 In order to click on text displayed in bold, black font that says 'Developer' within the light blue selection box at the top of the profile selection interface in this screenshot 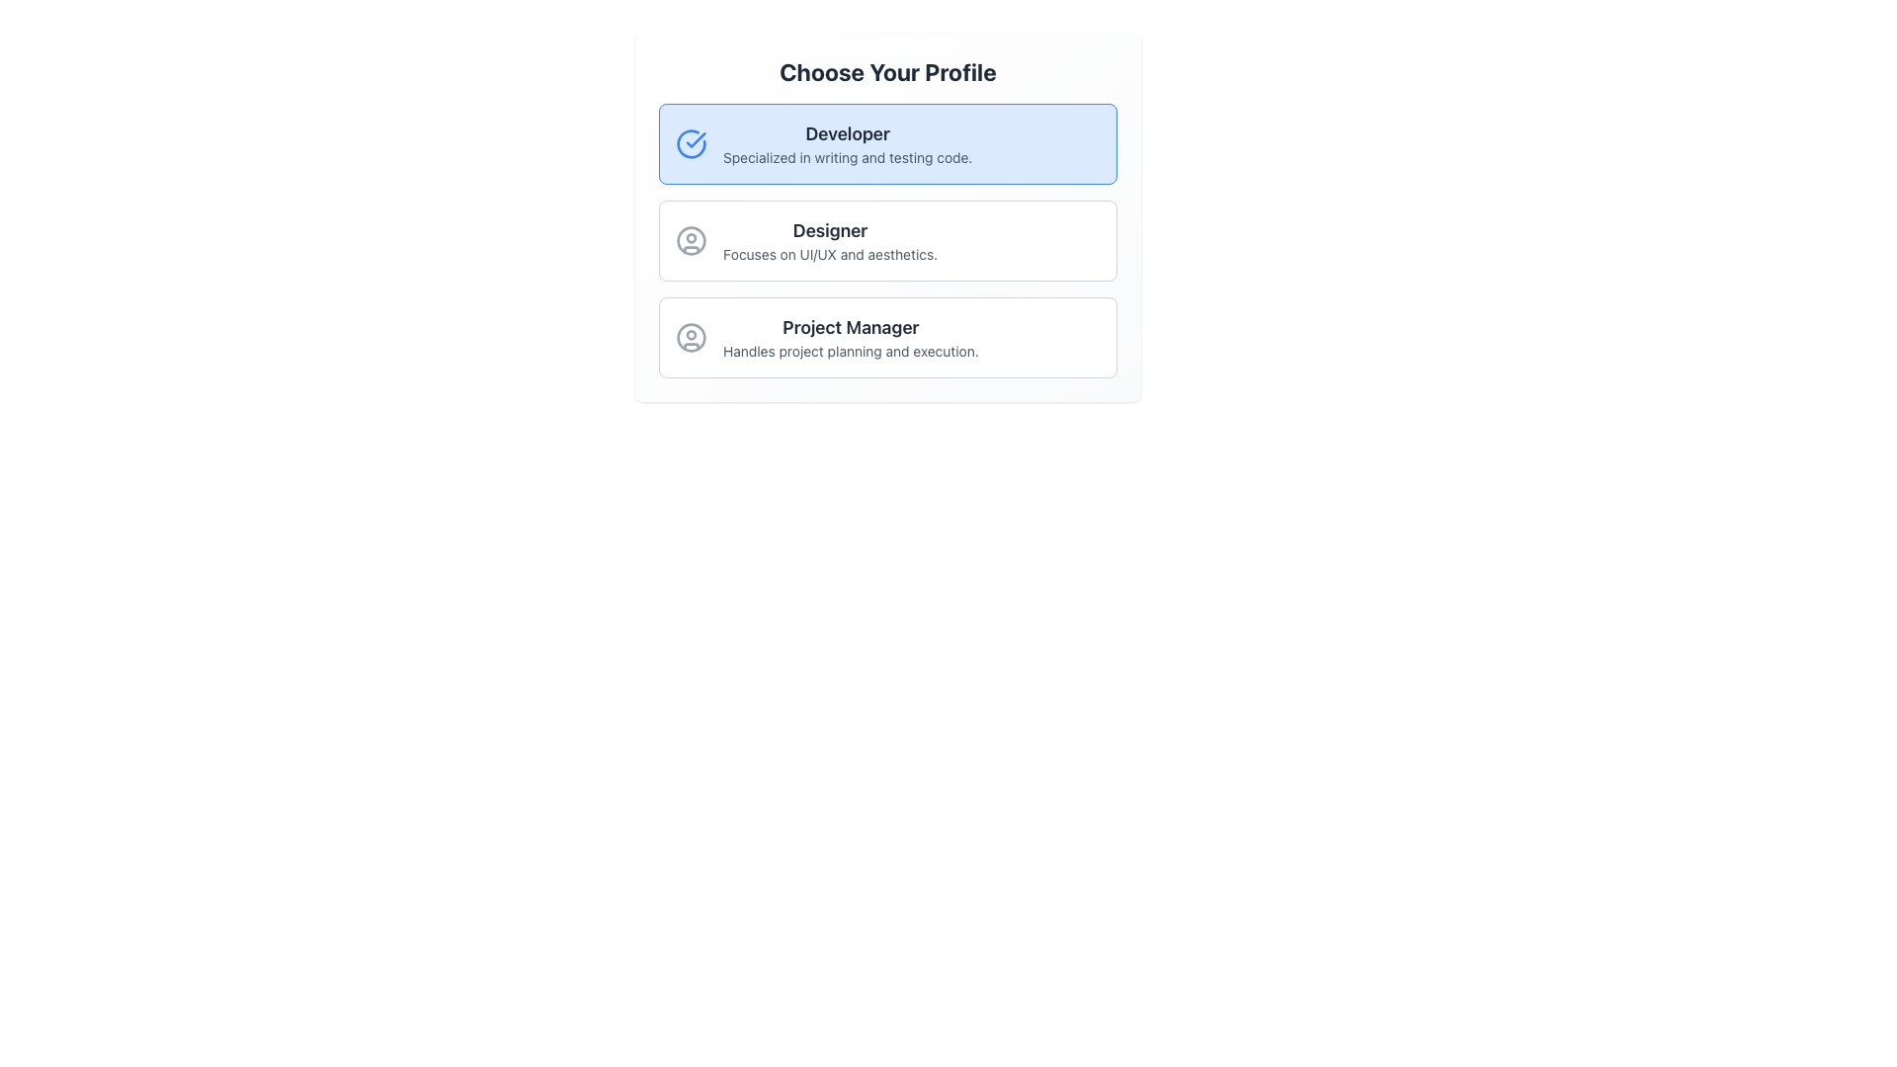, I will do `click(848, 133)`.